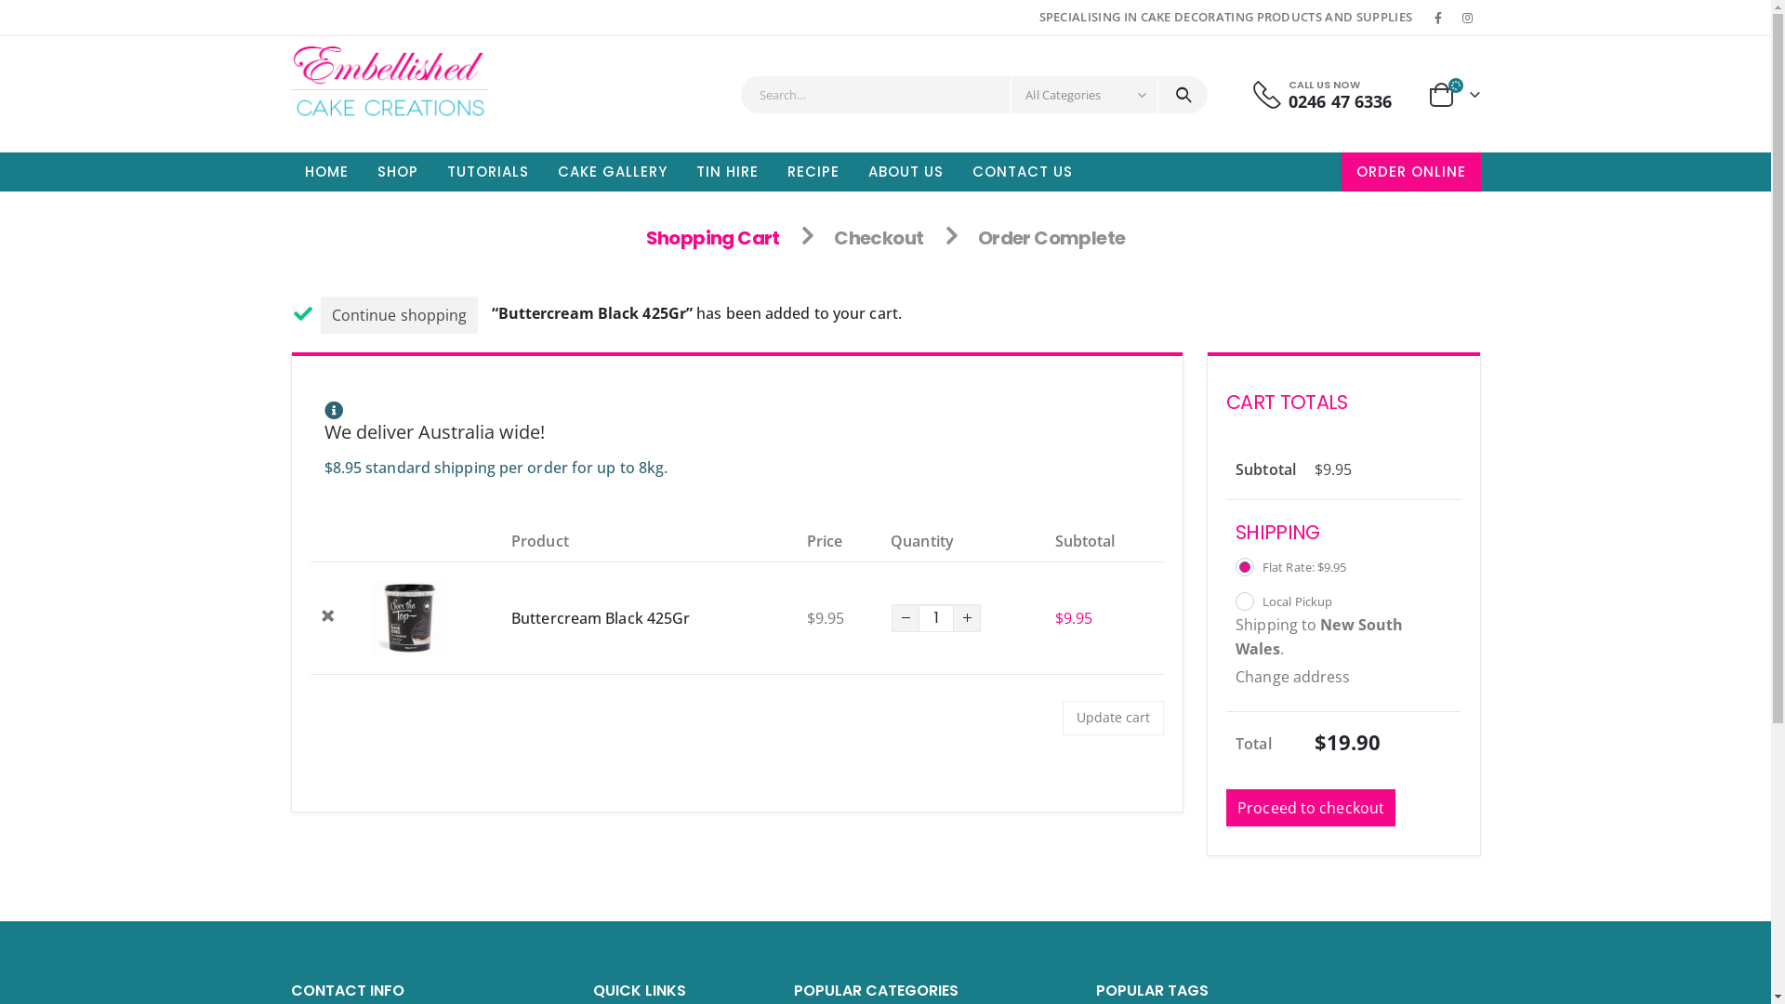  What do you see at coordinates (967, 617) in the screenshot?
I see `'+'` at bounding box center [967, 617].